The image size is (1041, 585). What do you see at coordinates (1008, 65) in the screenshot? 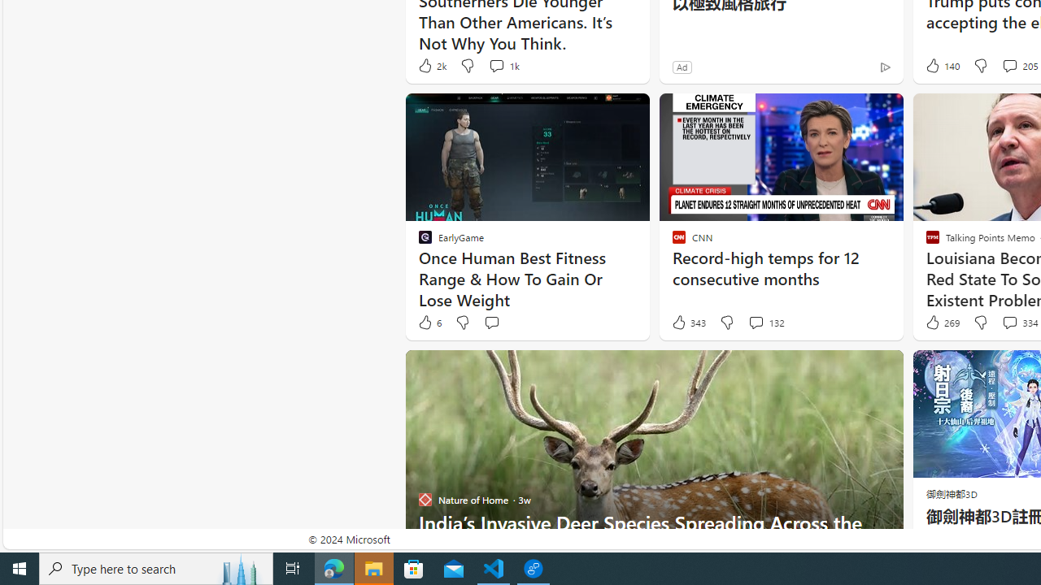
I see `'View comments 205 Comment'` at bounding box center [1008, 65].